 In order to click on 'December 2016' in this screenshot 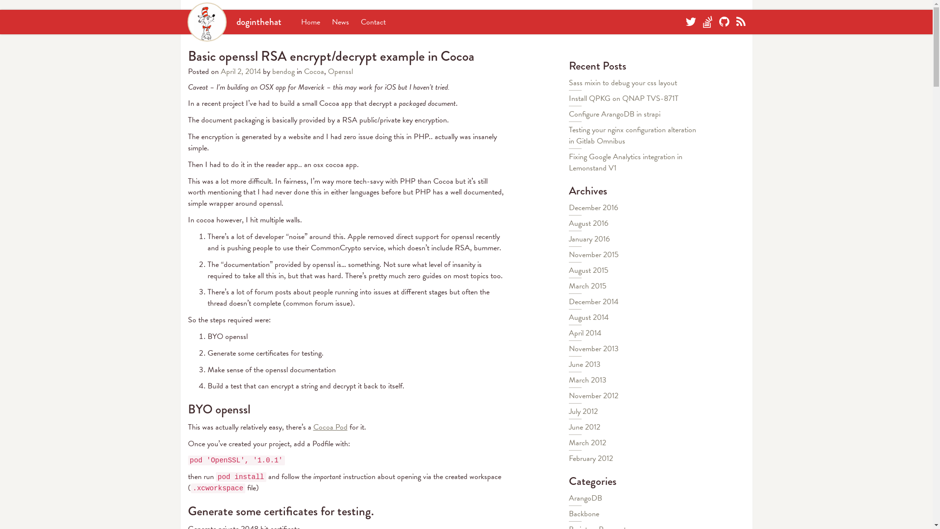, I will do `click(593, 207)`.